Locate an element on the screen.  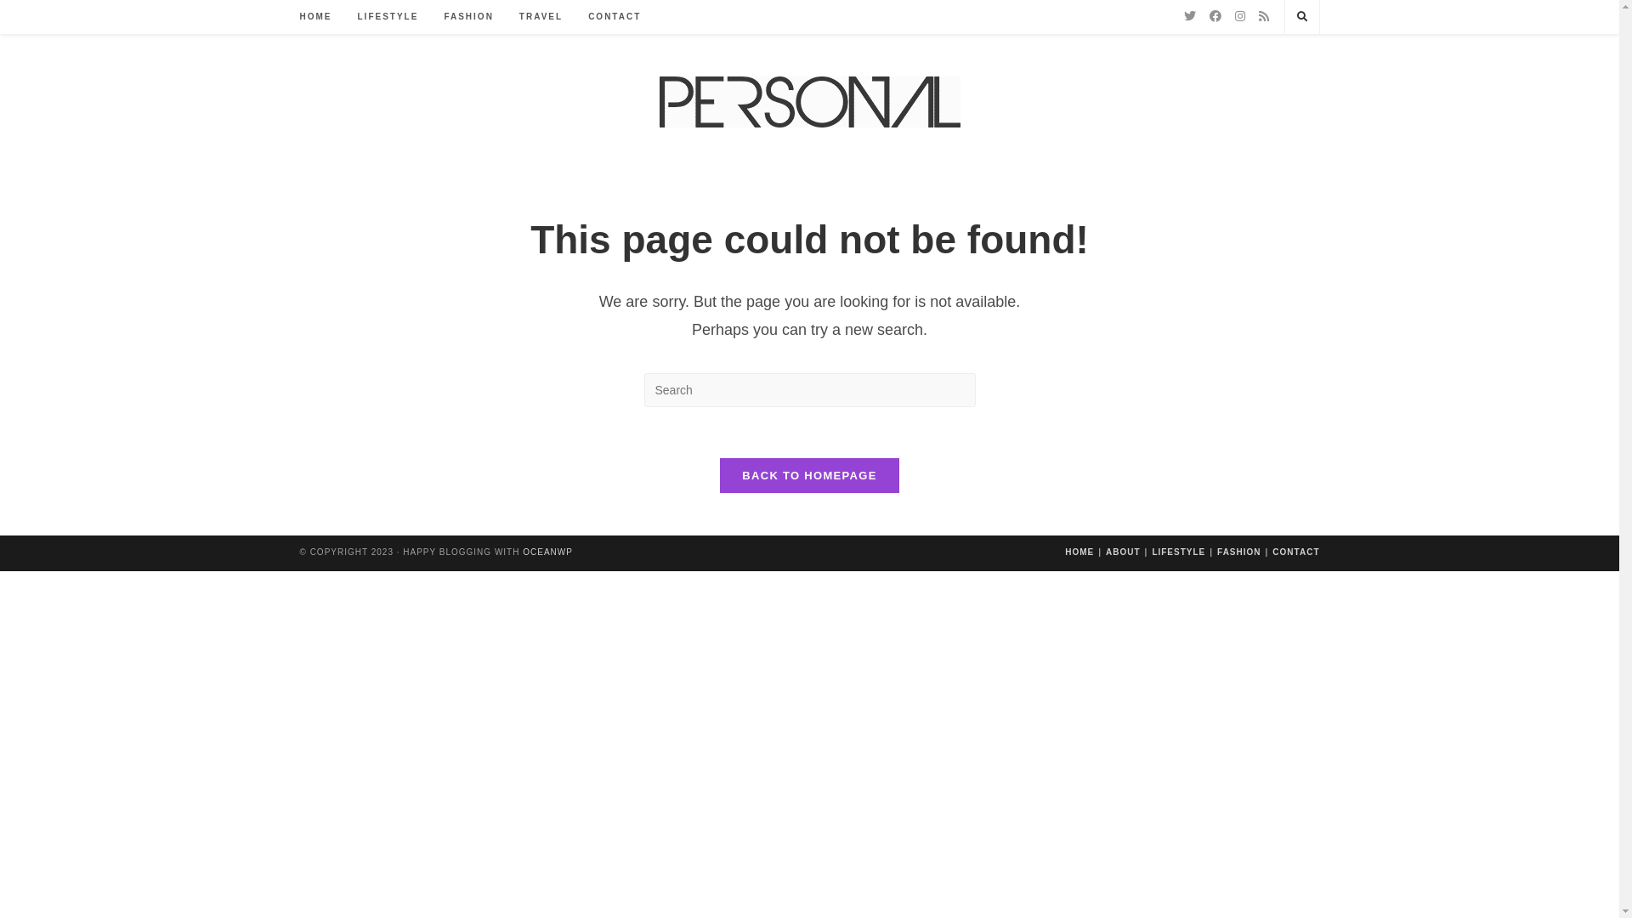
'CONTACT' is located at coordinates (614, 16).